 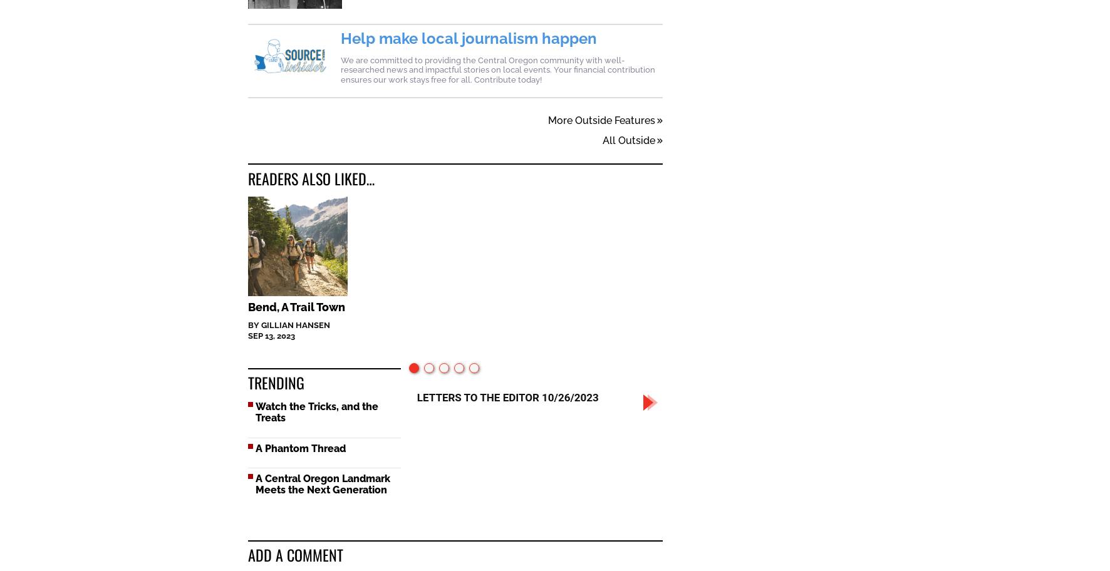 I want to click on 'We are committed to providing the Central Oregon community
with well-researched news and impactful stories on local events.
Your financial contribution ensures our work stays free for all.
Contribute today!', so click(x=497, y=70).